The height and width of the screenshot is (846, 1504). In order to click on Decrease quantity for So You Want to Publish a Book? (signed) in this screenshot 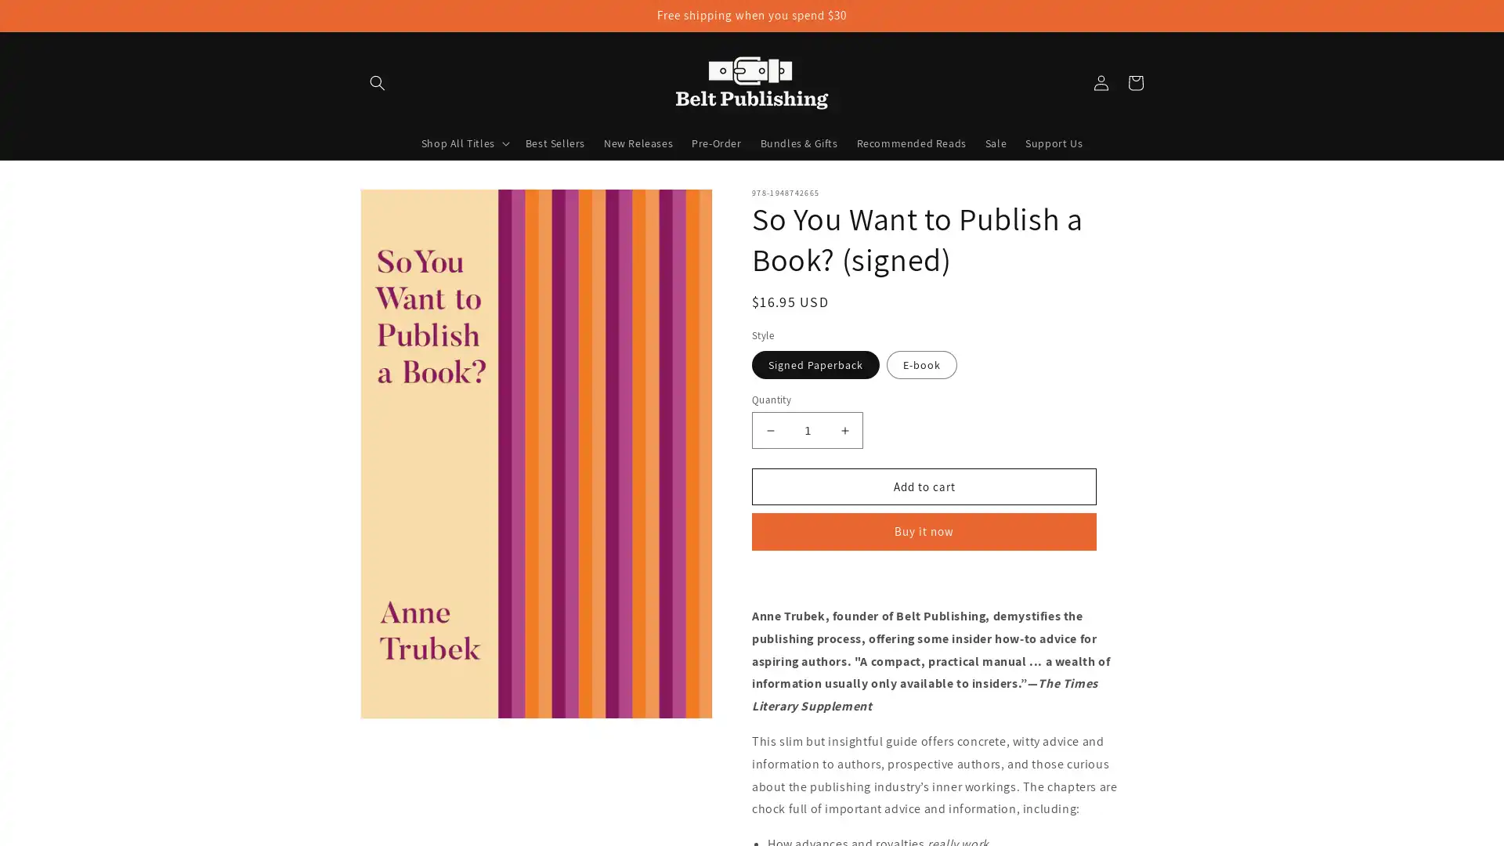, I will do `click(770, 430)`.